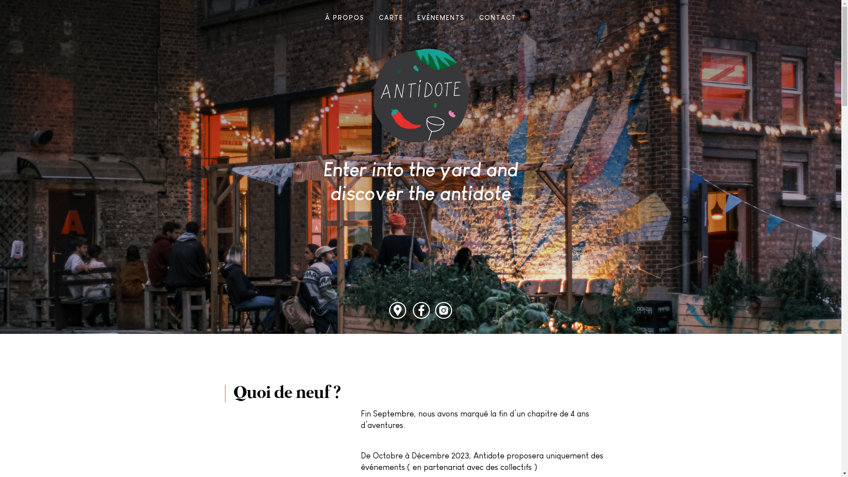 The width and height of the screenshot is (848, 477). Describe the element at coordinates (443, 310) in the screenshot. I see `'Instagram'` at that location.